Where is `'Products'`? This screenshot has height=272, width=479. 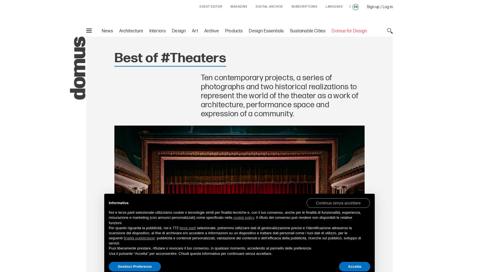
'Products' is located at coordinates (233, 31).